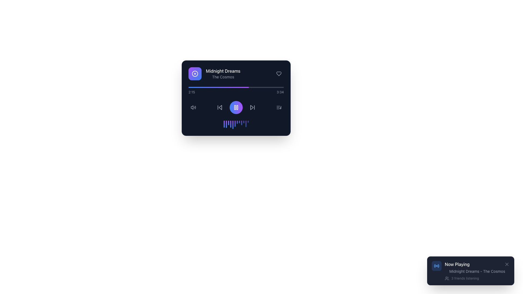  I want to click on text displayed in the Information display section, which includes 'Now Playing,' 'Midnight Dreams - The Cosmos,' and '3 friends listening.', so click(477, 271).